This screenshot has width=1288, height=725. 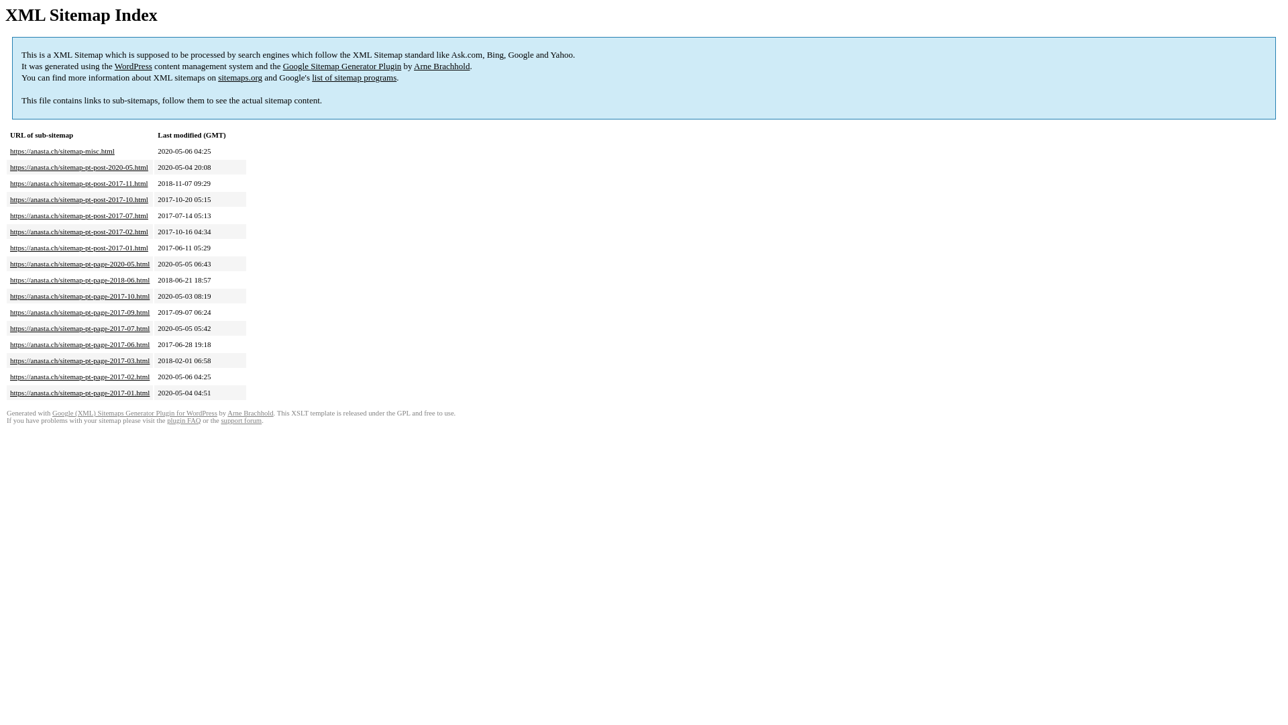 What do you see at coordinates (79, 393) in the screenshot?
I see `'https://anasta.ch/sitemap-pt-page-2017-01.html'` at bounding box center [79, 393].